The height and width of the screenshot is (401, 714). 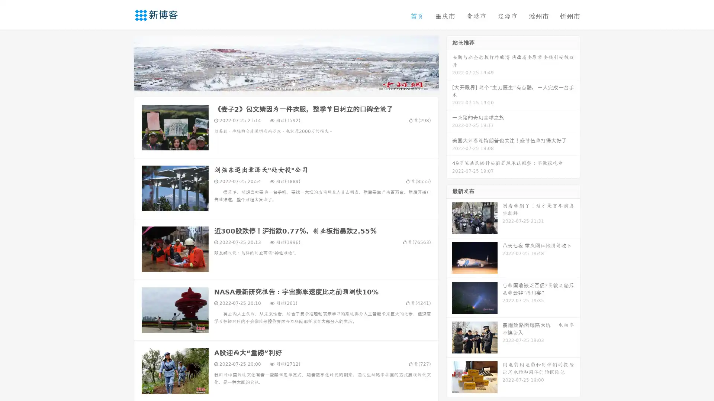 I want to click on Go to slide 3, so click(x=293, y=84).